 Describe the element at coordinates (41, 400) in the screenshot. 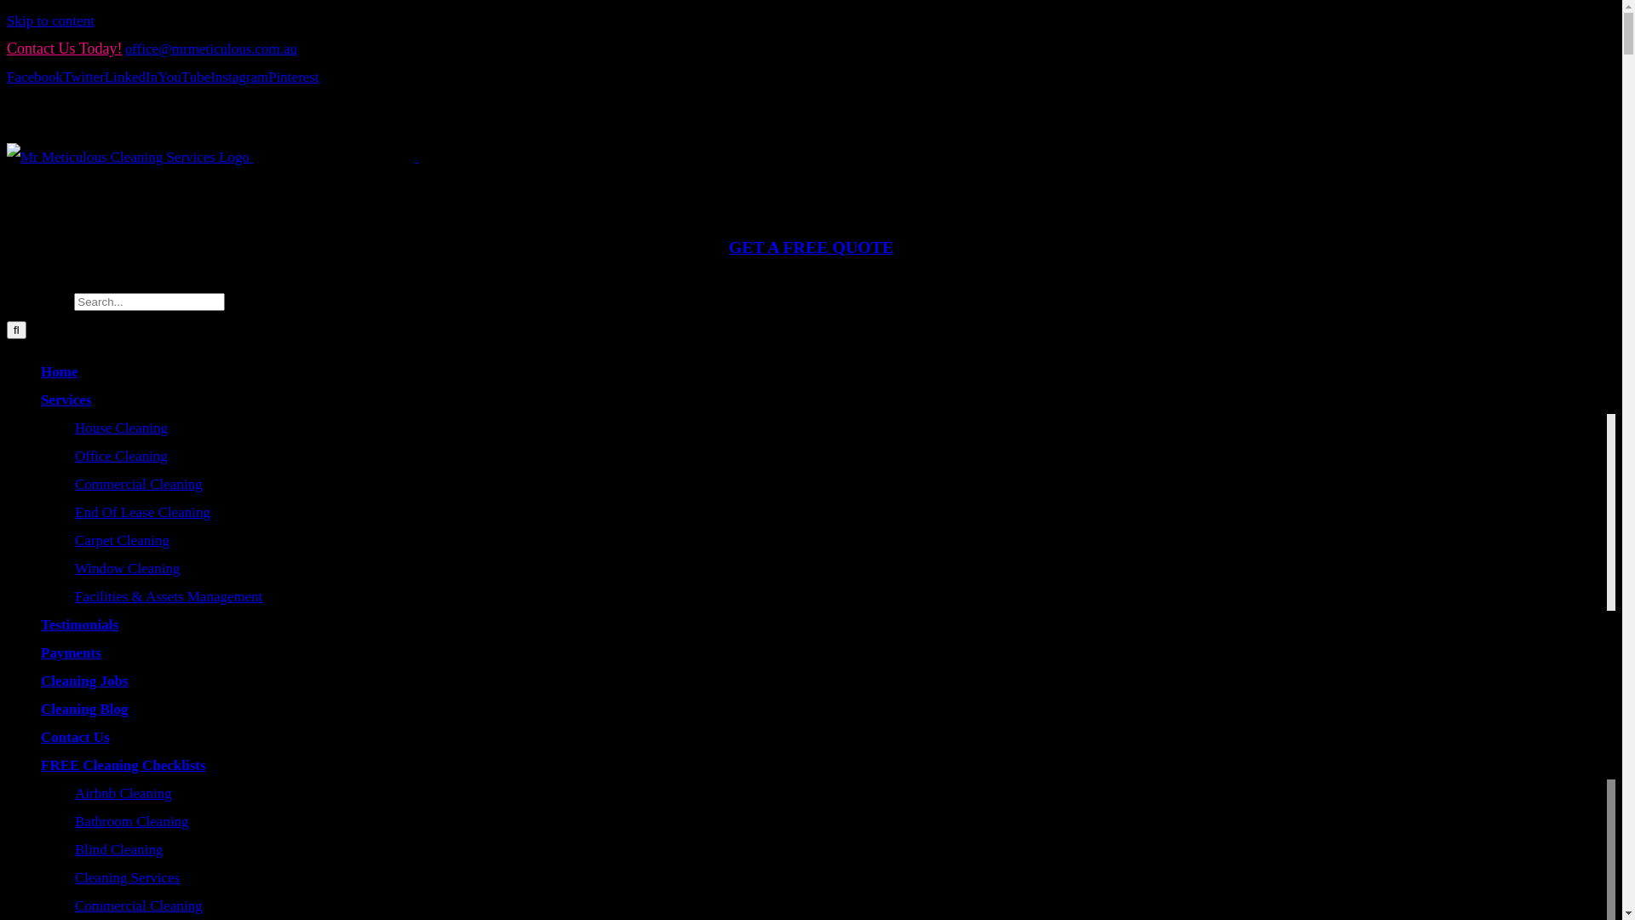

I see `'Services'` at that location.